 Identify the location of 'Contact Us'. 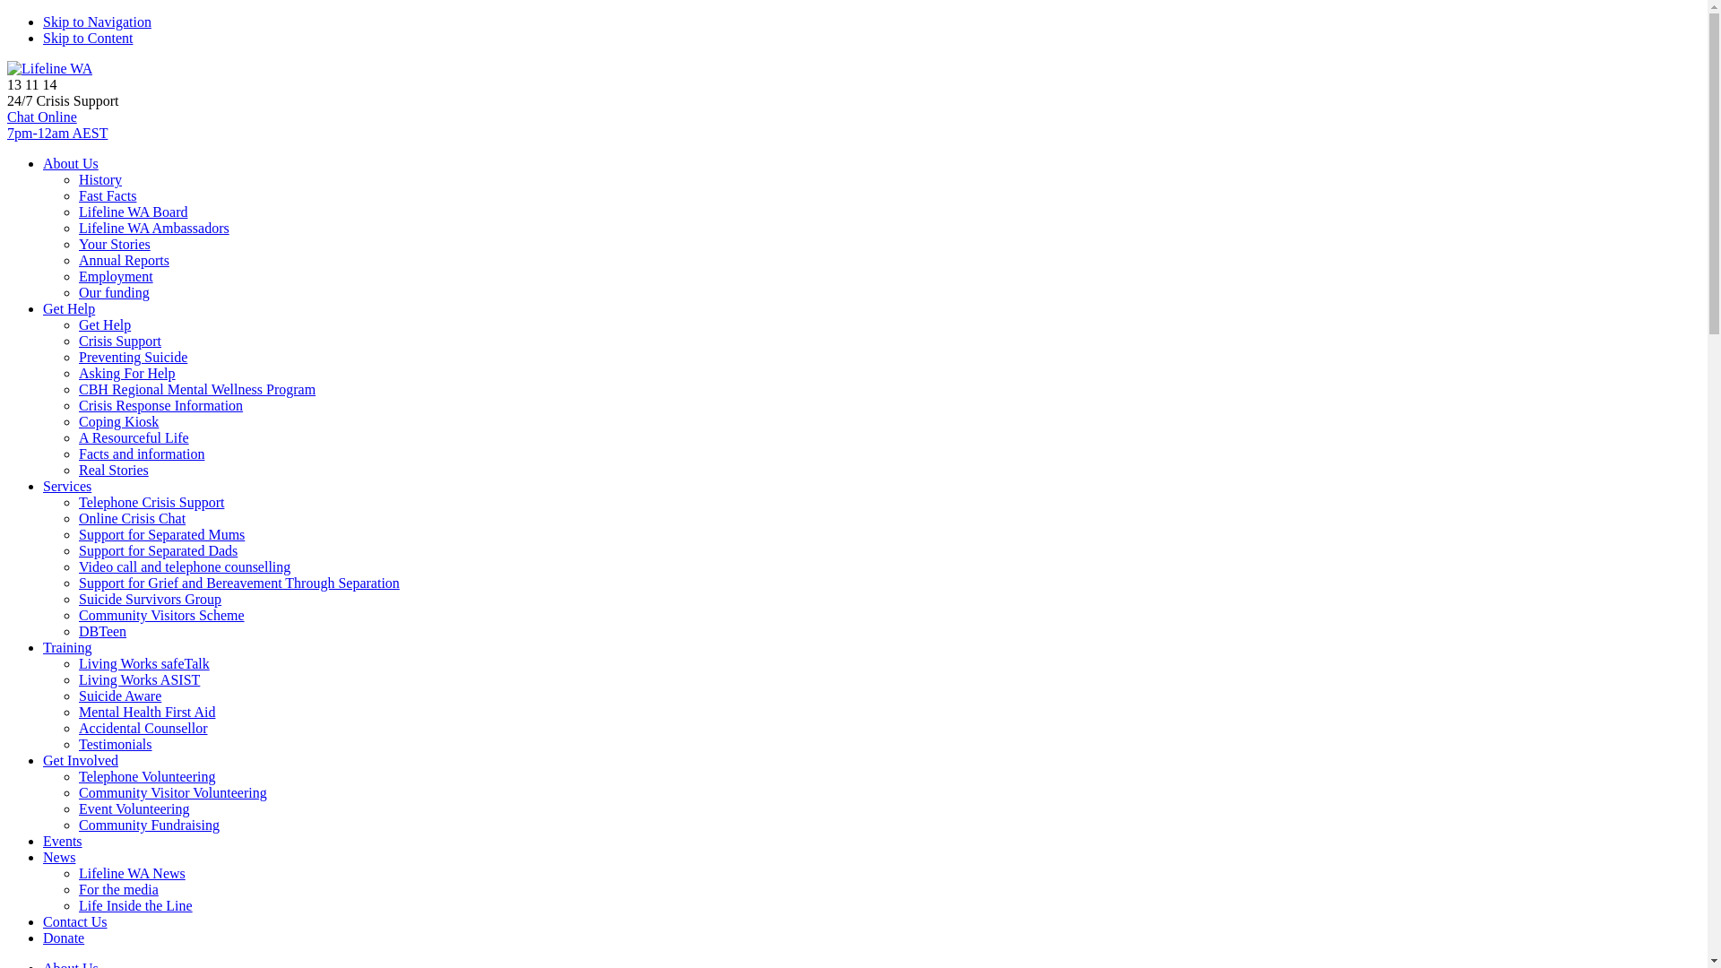
(74, 921).